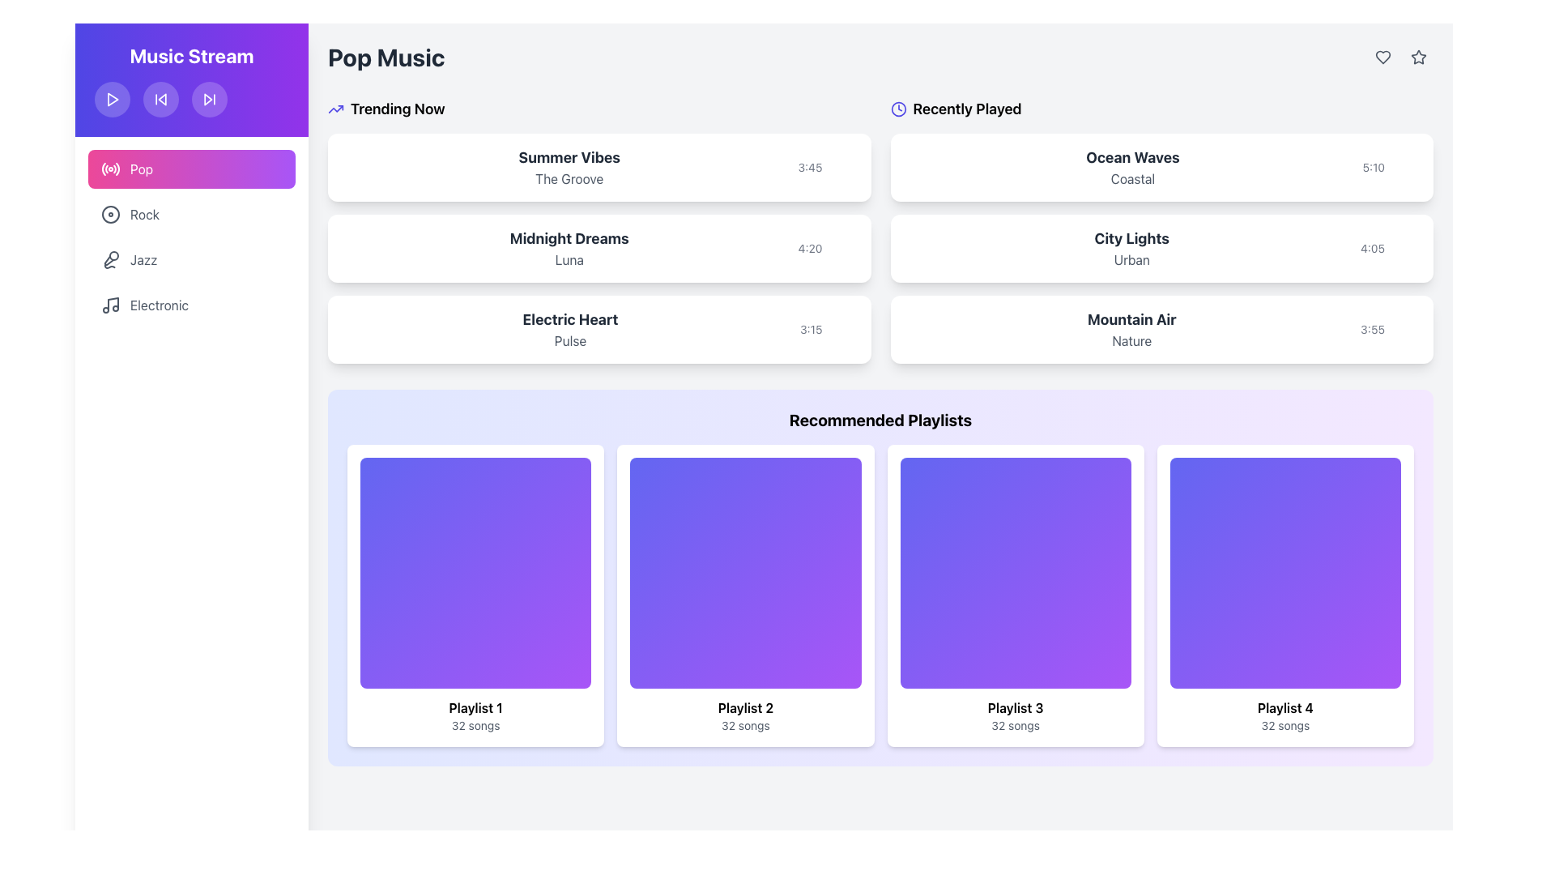 Image resolution: width=1555 pixels, height=875 pixels. I want to click on the play button in the third row of the 'Trending Now' section to play the song 'Electric Heart', so click(844, 329).